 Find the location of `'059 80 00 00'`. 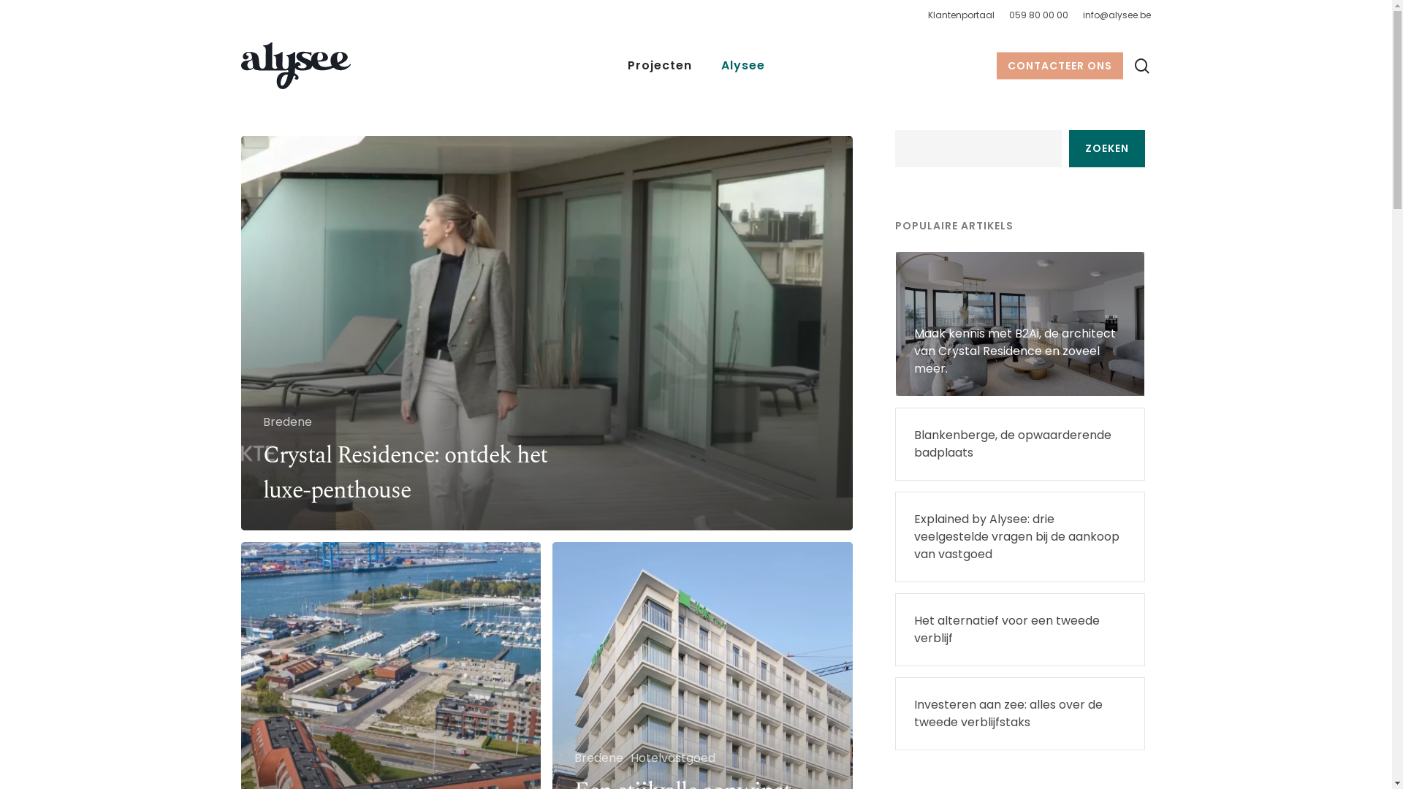

'059 80 00 00' is located at coordinates (1038, 15).